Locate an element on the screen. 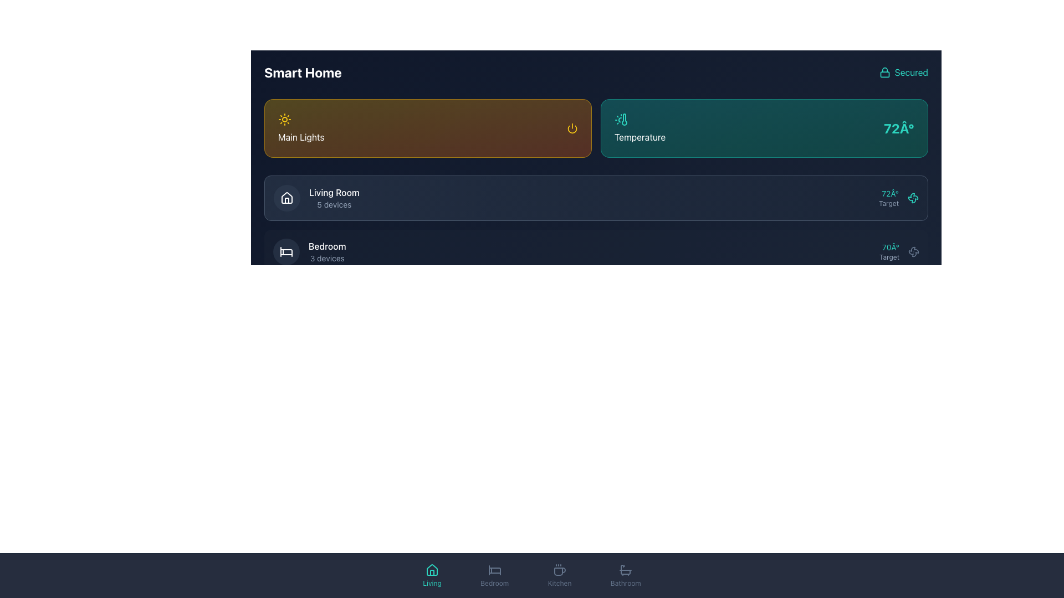 This screenshot has width=1064, height=598. the navigation button that redirects to the 'Kitchen' section, located as the third option in the bottom navigation bar is located at coordinates (560, 575).